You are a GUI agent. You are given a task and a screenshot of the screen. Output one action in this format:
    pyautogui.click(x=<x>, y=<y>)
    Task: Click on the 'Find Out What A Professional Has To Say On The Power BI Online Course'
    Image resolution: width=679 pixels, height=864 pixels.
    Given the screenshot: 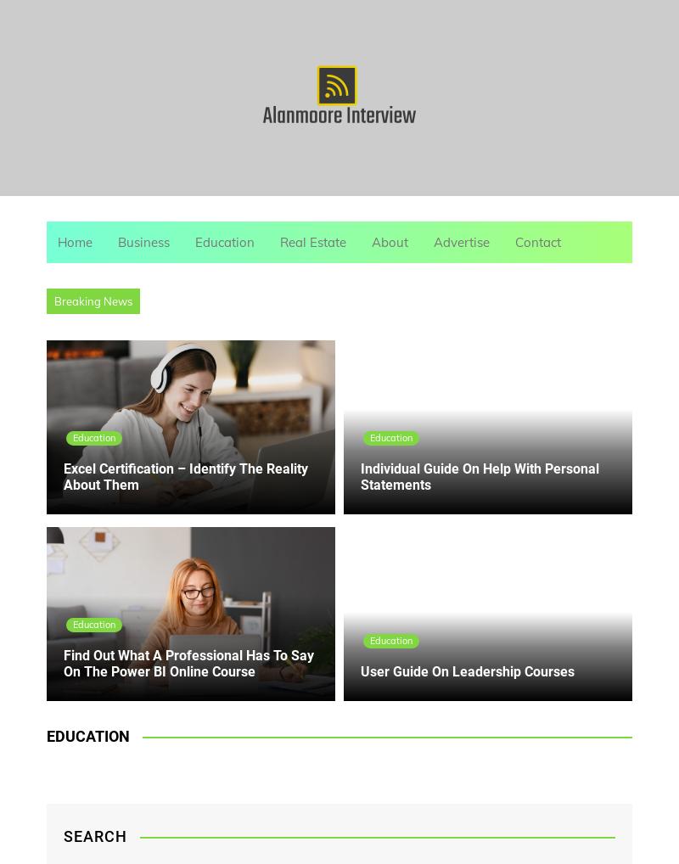 What is the action you would take?
    pyautogui.click(x=188, y=663)
    